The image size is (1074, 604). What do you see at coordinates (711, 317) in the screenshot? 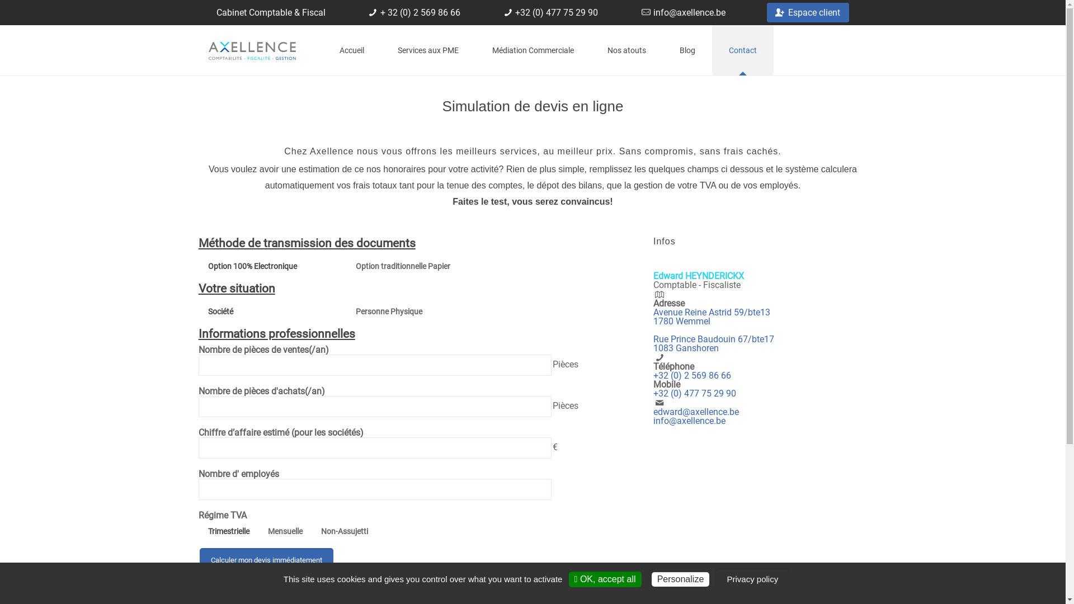
I see `'Avenue Reine Astrid 59/bte13` at bounding box center [711, 317].